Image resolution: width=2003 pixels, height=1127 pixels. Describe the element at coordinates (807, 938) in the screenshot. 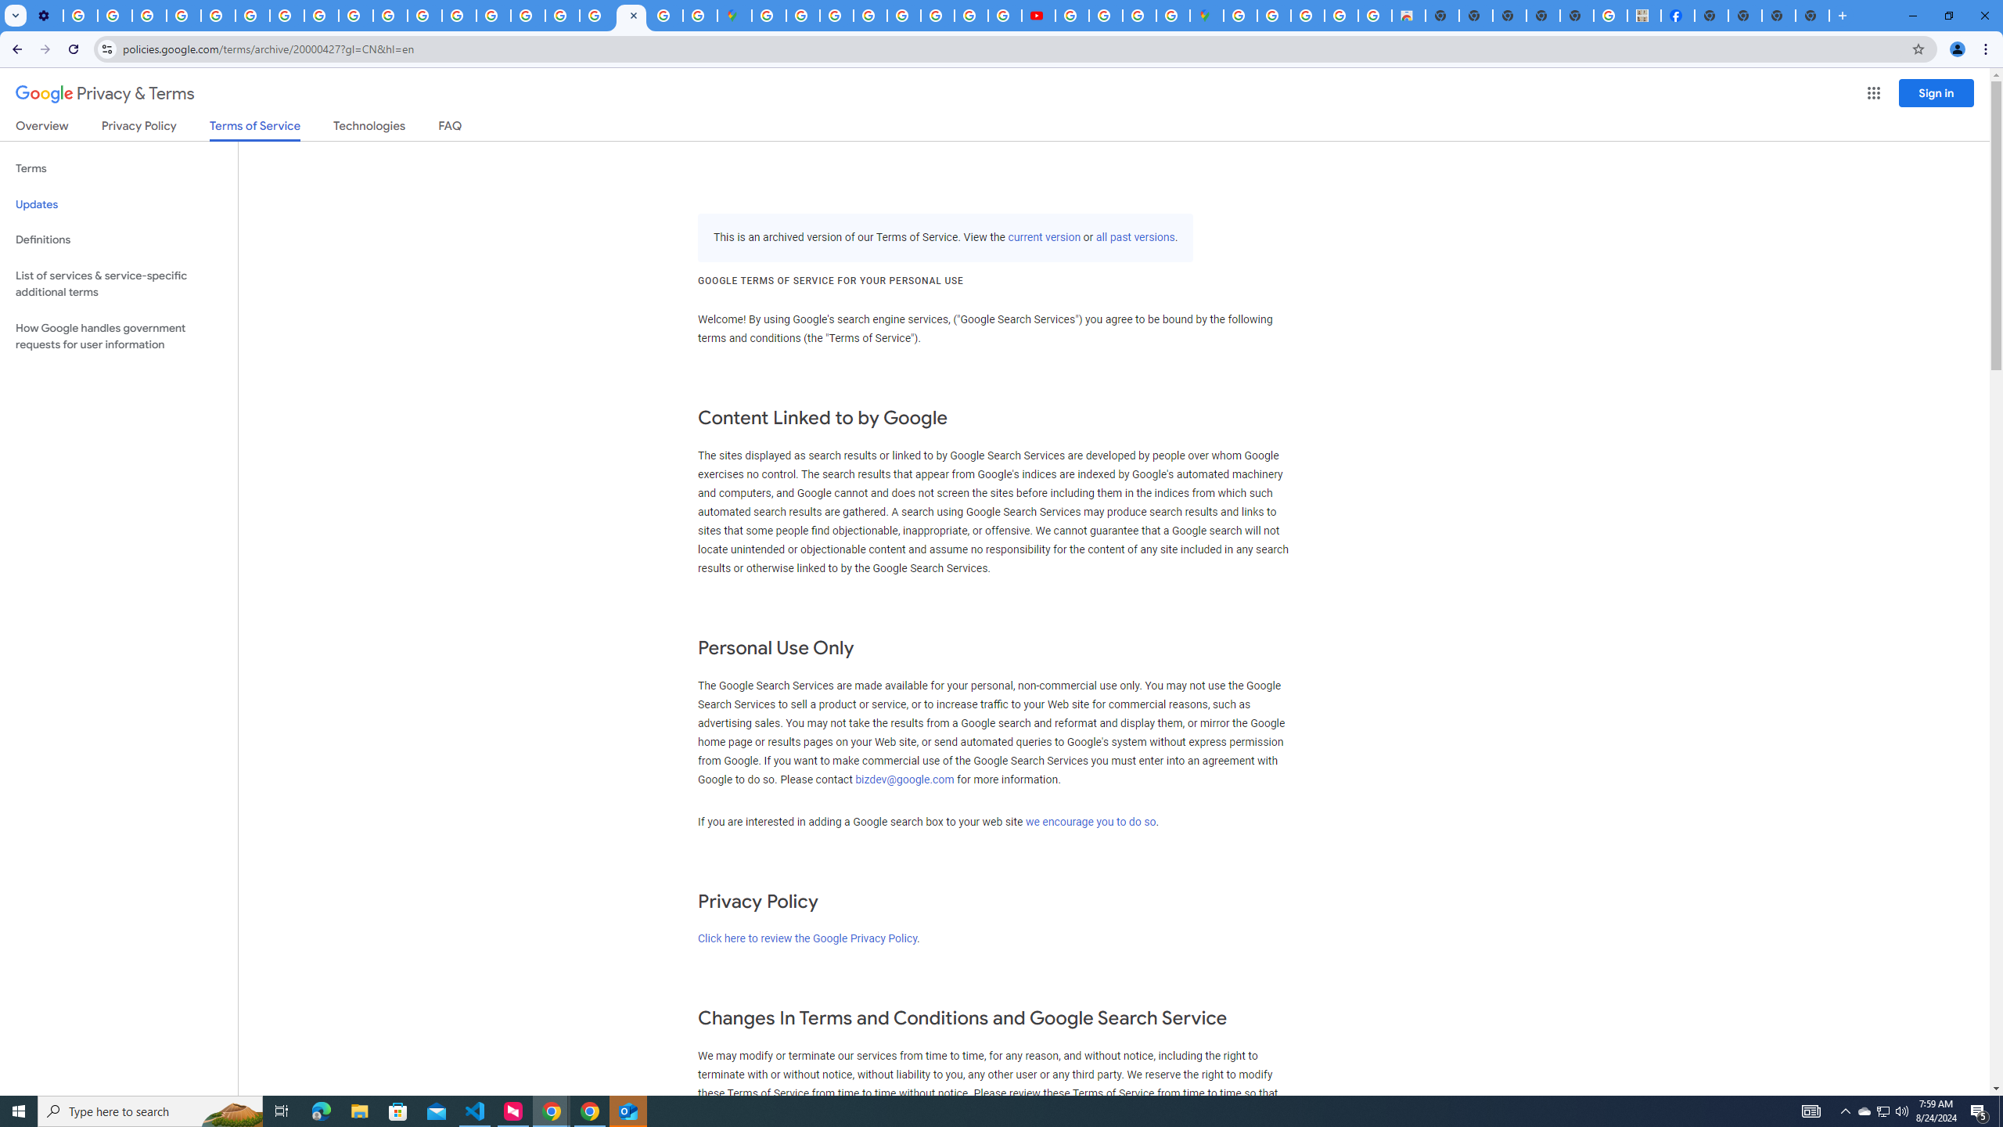

I see `'Click here to review the Google Privacy Policy'` at that location.